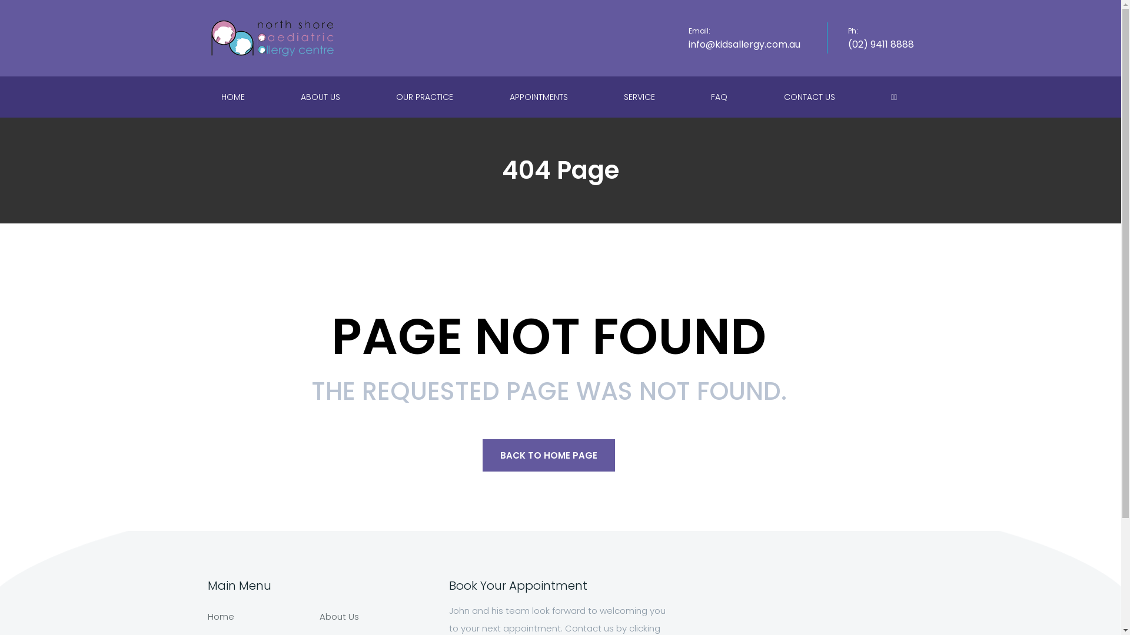 This screenshot has height=635, width=1130. Describe the element at coordinates (496, 96) in the screenshot. I see `'APPOINTMENTS'` at that location.